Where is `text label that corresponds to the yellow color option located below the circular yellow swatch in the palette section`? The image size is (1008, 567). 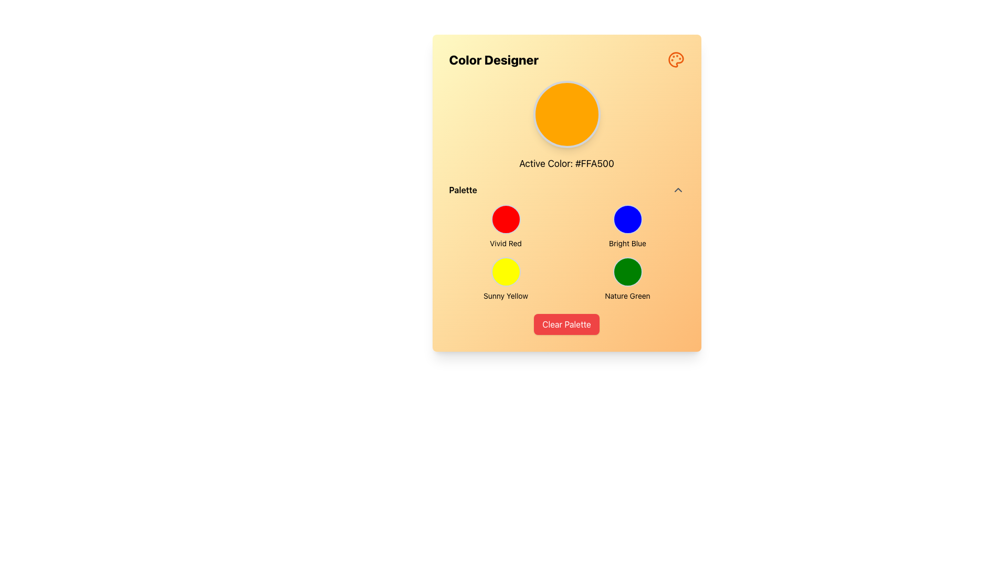 text label that corresponds to the yellow color option located below the circular yellow swatch in the palette section is located at coordinates (506, 296).